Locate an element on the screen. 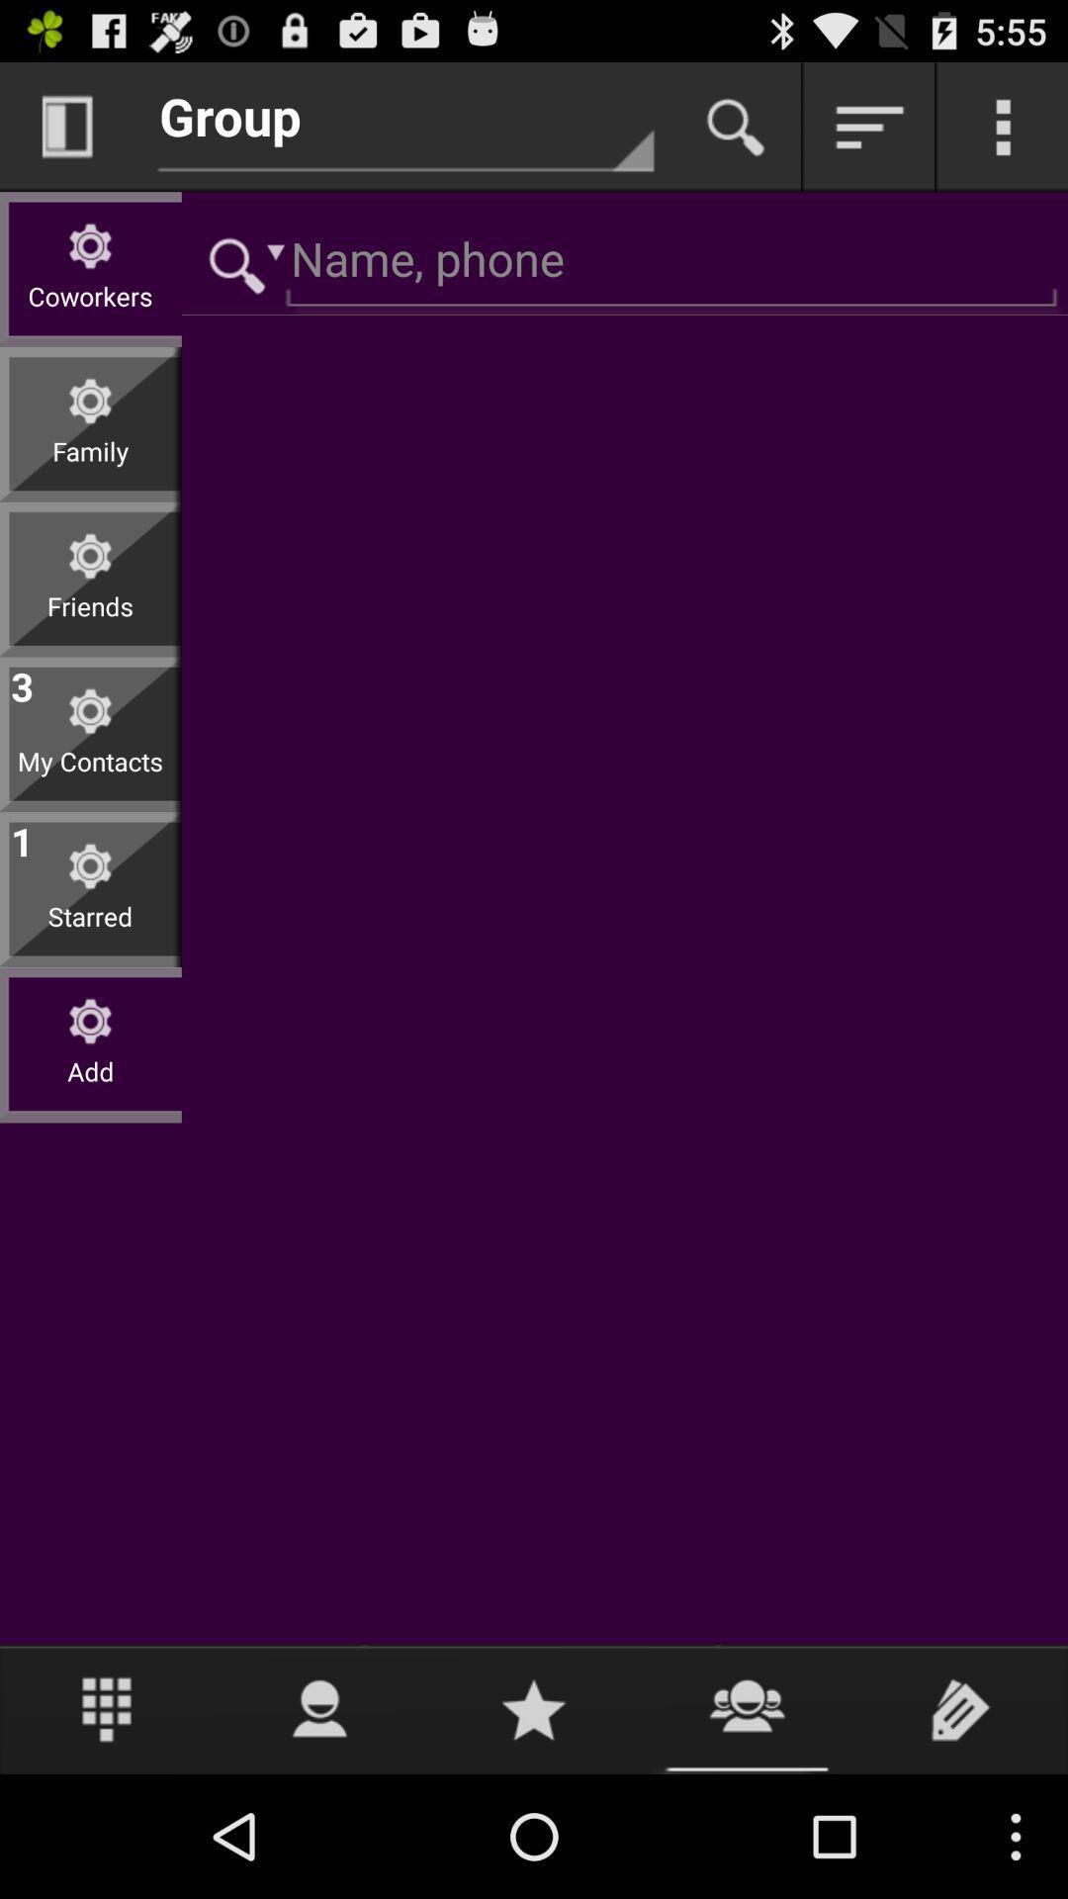 This screenshot has width=1068, height=1899. coworker name and phone is located at coordinates (624, 261).